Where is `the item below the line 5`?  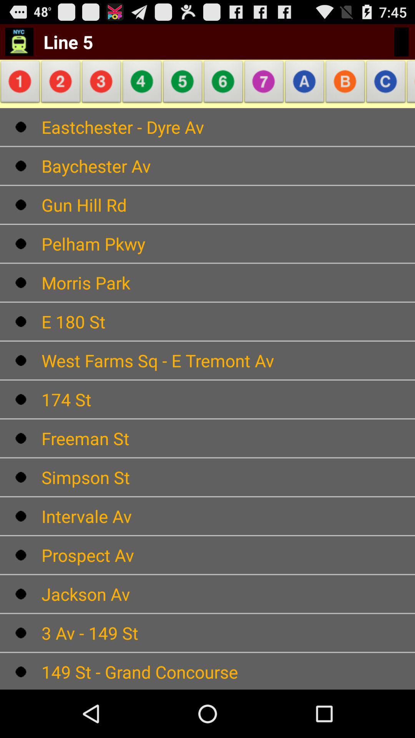
the item below the line 5 is located at coordinates (21, 84).